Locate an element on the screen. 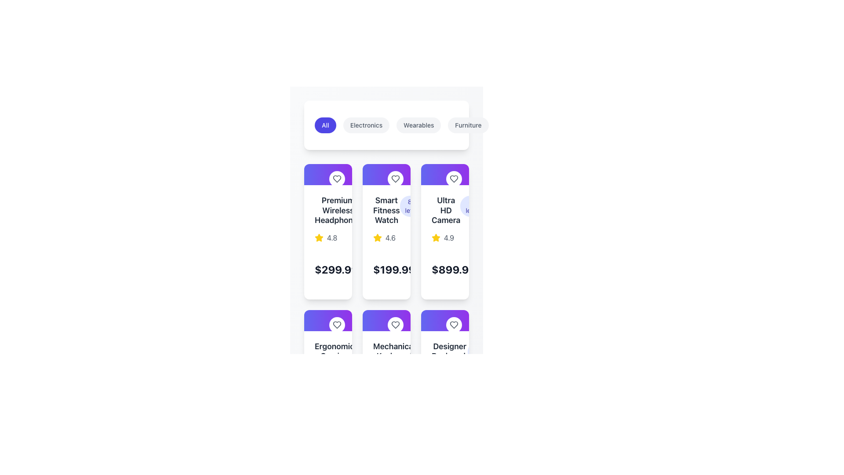 The height and width of the screenshot is (475, 844). the price text label located at the bottom-center of the 'Ultra HD Camera' product card, directly below the rating section and above the 'Add to Cart' button is located at coordinates (445, 269).